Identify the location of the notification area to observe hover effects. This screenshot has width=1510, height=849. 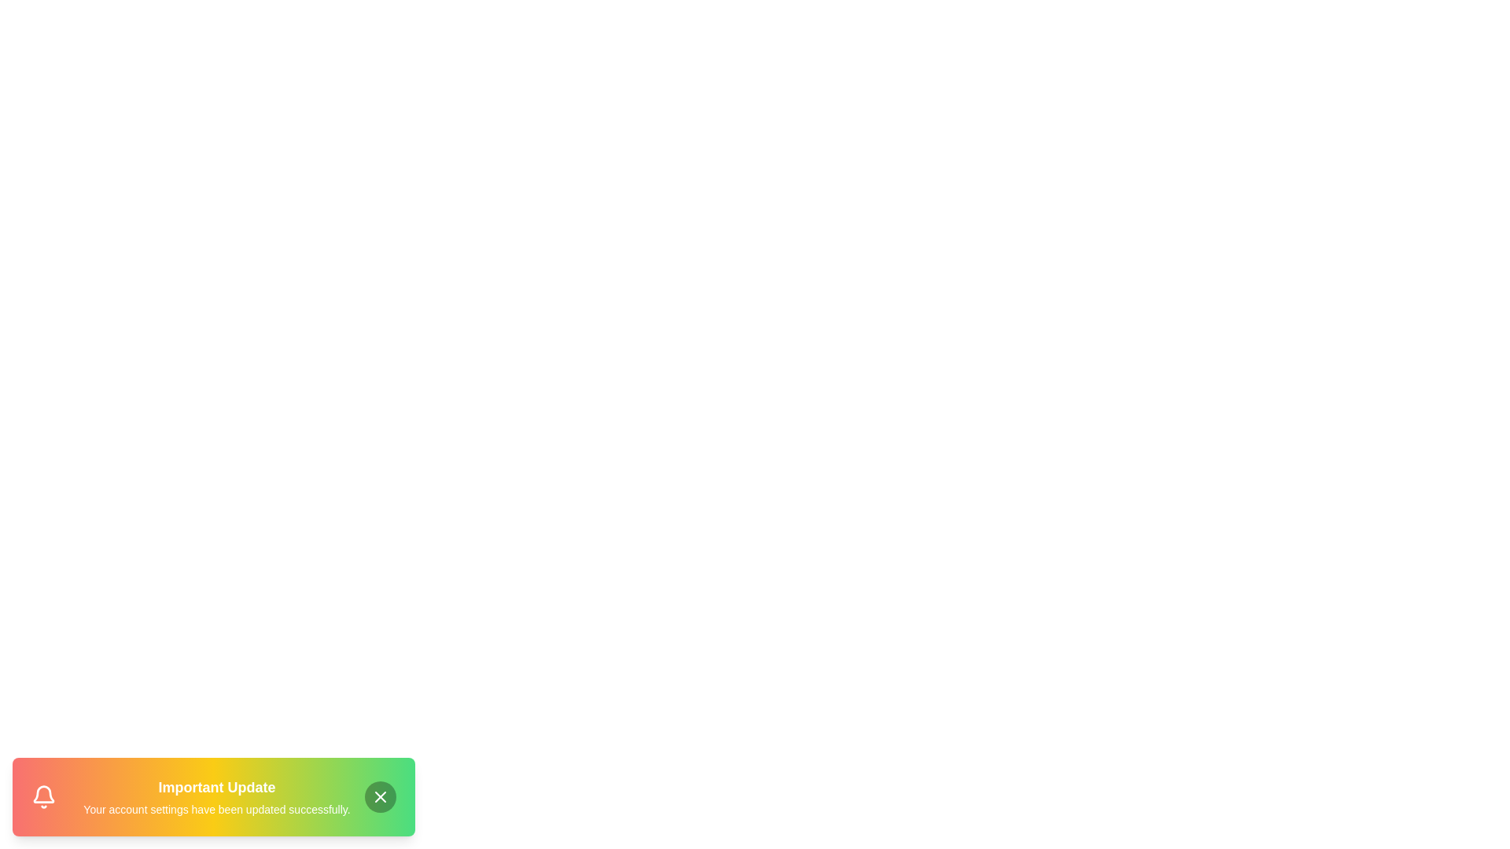
(213, 797).